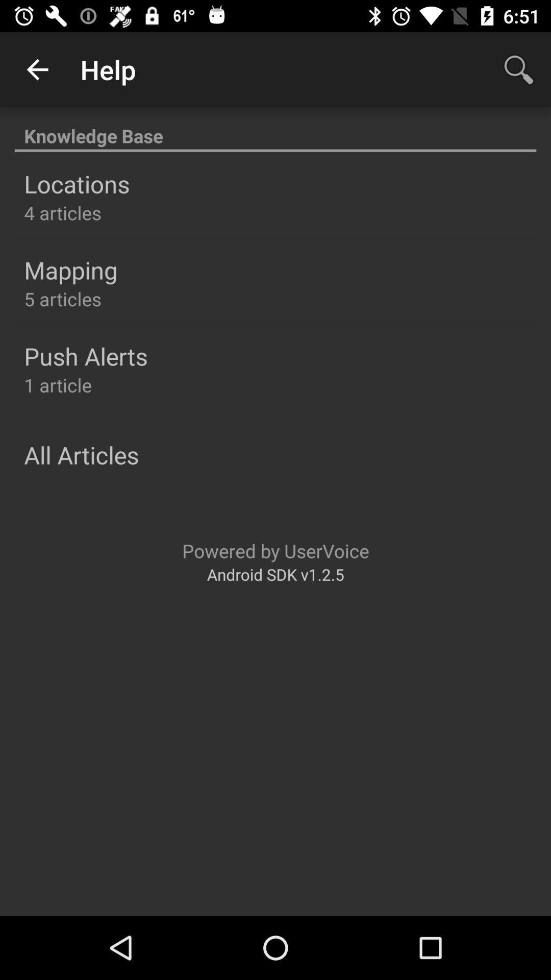 The image size is (551, 980). I want to click on the item above knowledge base item, so click(37, 69).